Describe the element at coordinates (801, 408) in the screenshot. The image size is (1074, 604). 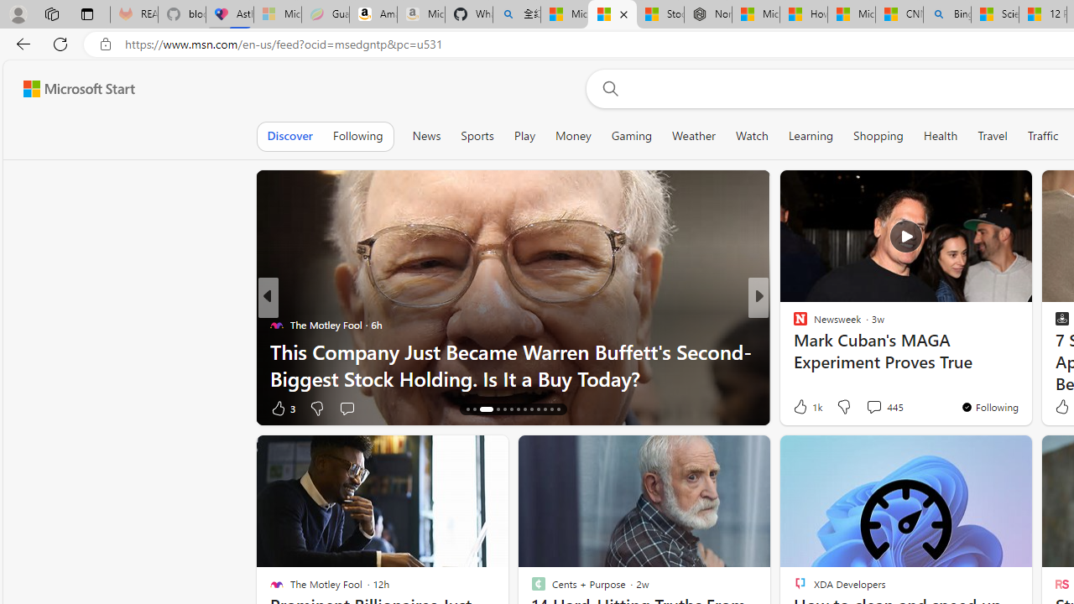
I see `'42 Like'` at that location.